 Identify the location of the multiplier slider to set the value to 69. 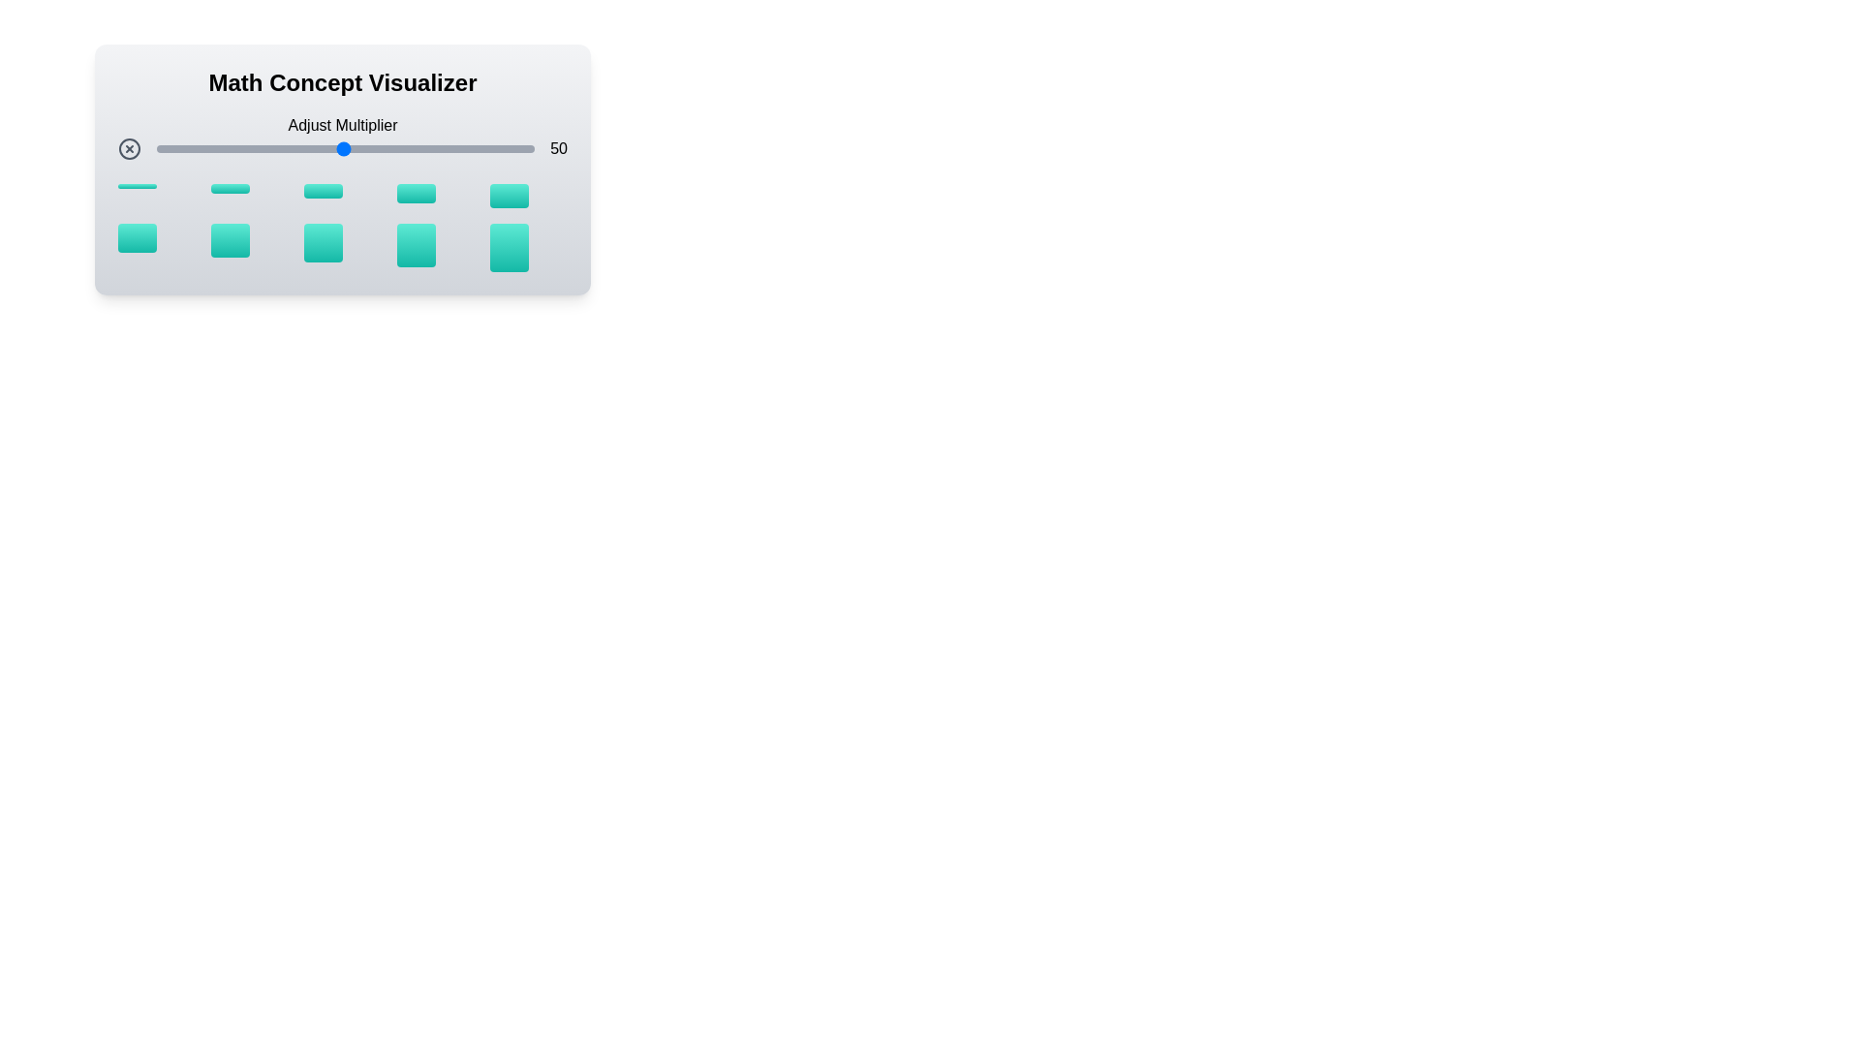
(416, 148).